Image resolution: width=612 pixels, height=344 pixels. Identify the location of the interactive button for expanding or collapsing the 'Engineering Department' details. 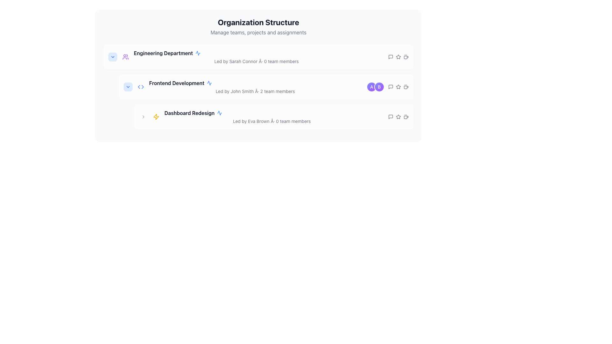
(113, 56).